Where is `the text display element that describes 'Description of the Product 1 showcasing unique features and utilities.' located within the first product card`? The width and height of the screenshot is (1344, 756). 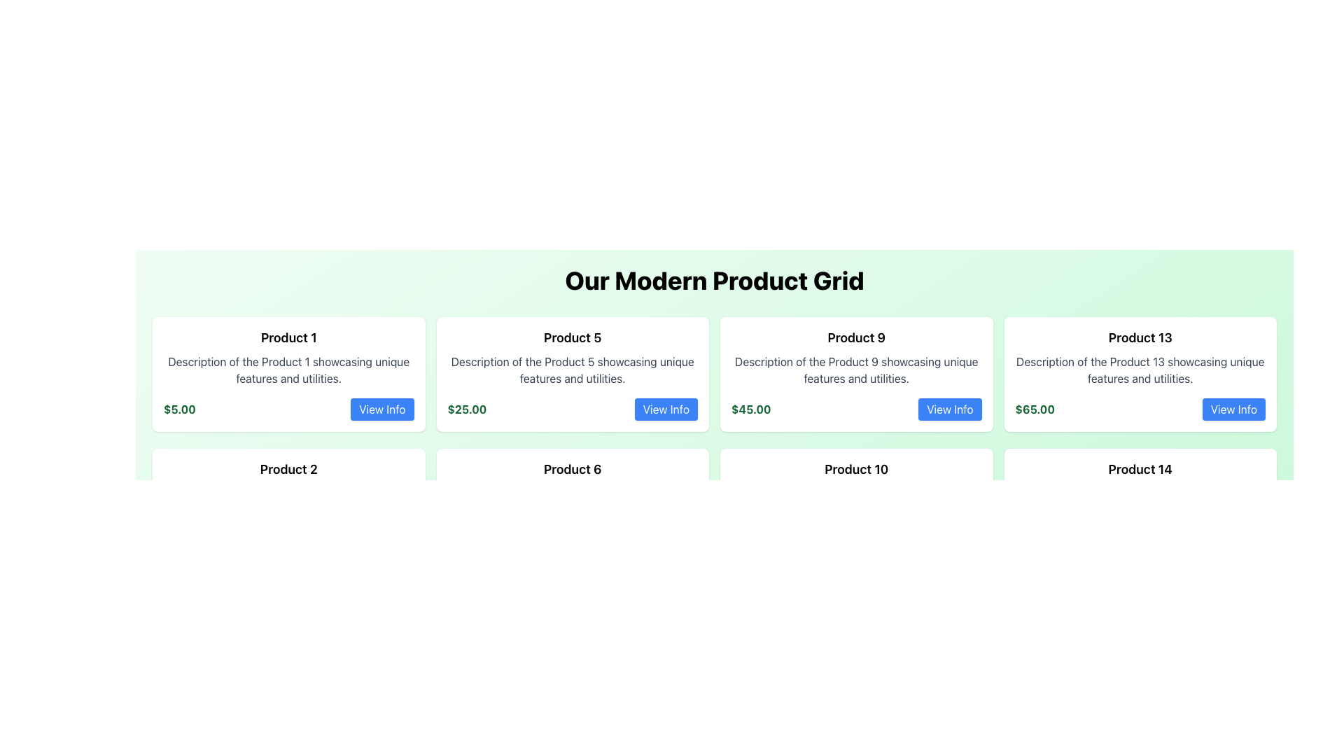
the text display element that describes 'Description of the Product 1 showcasing unique features and utilities.' located within the first product card is located at coordinates (288, 369).